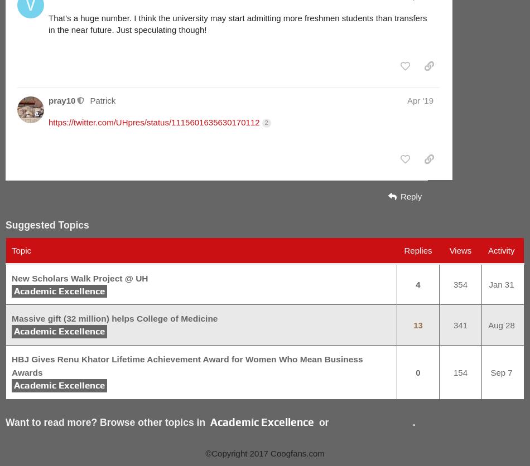 The image size is (530, 466). What do you see at coordinates (324, 422) in the screenshot?
I see `'or'` at bounding box center [324, 422].